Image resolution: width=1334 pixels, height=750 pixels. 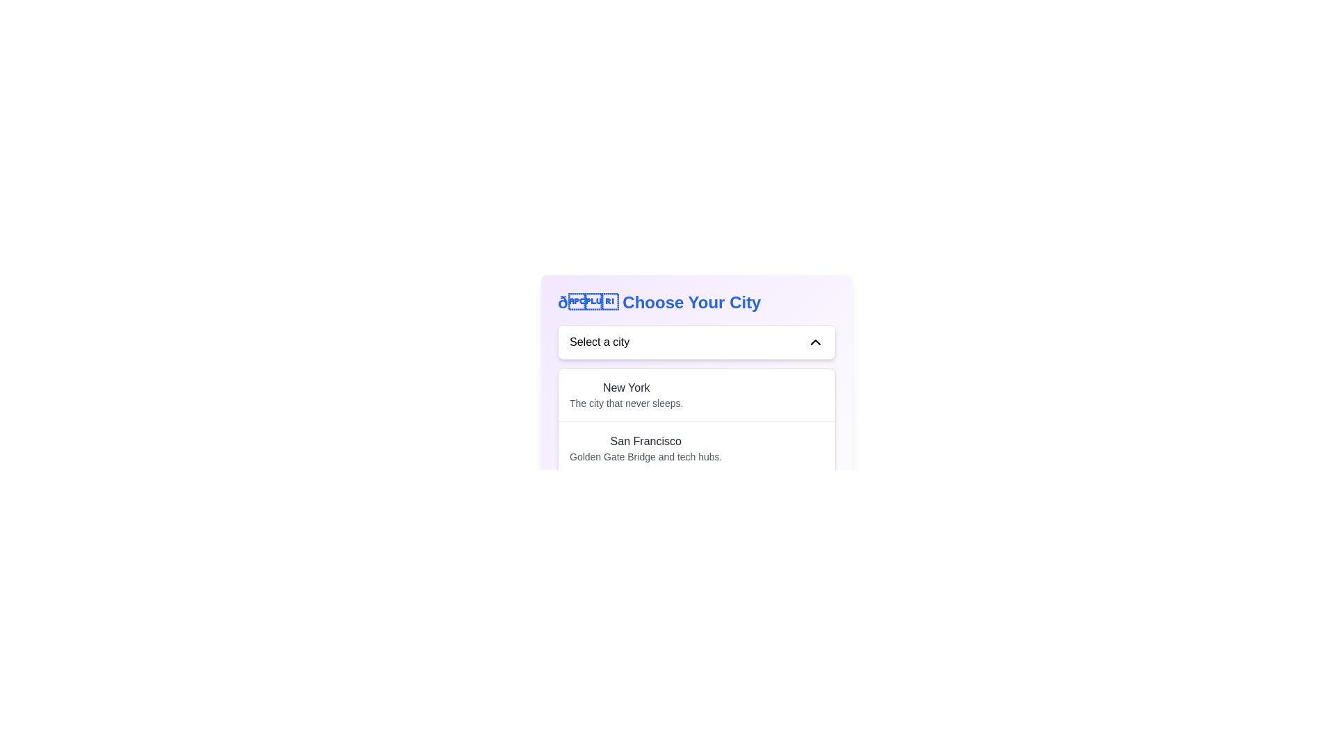 What do you see at coordinates (625, 403) in the screenshot?
I see `the static text element that provides supplementary information related to the title 'New York', located directly below it in the dropdown interface under 'Choose Your City'` at bounding box center [625, 403].